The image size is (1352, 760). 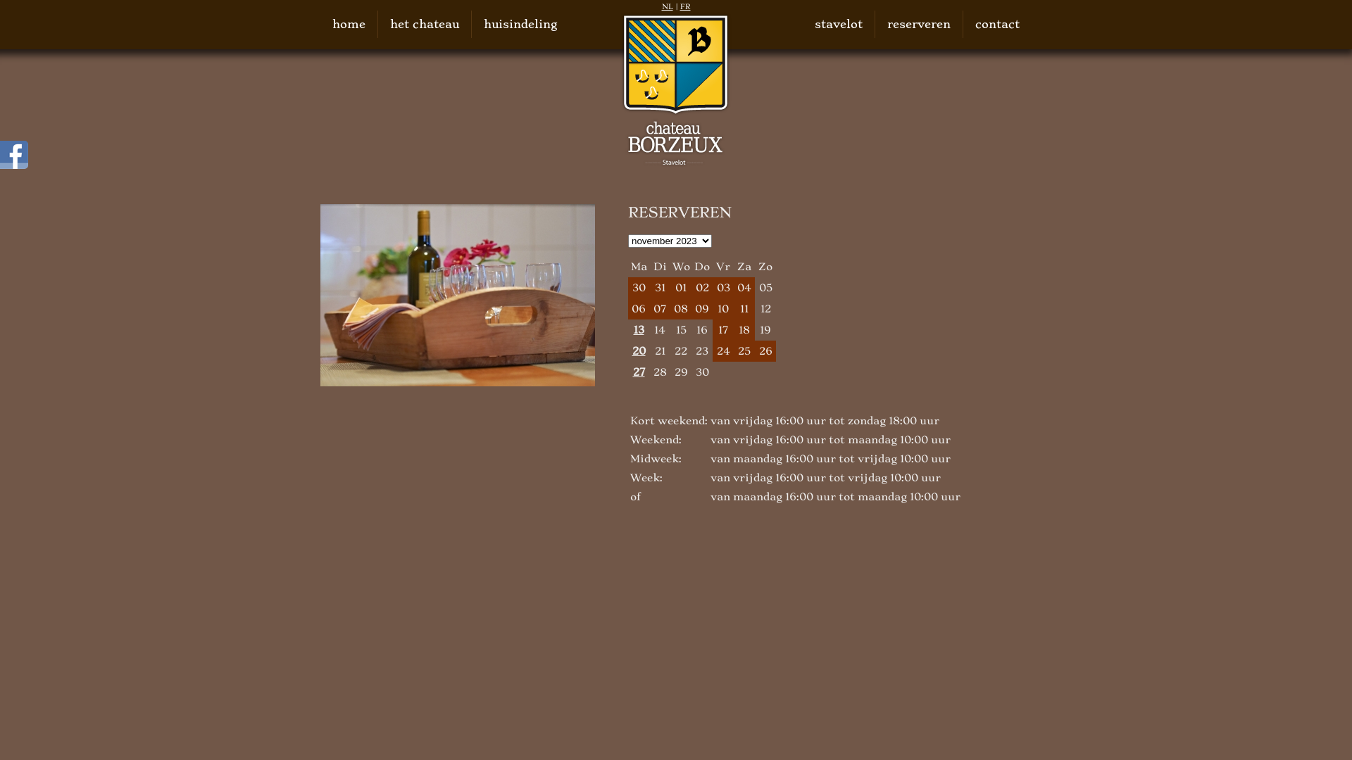 What do you see at coordinates (638, 371) in the screenshot?
I see `'27'` at bounding box center [638, 371].